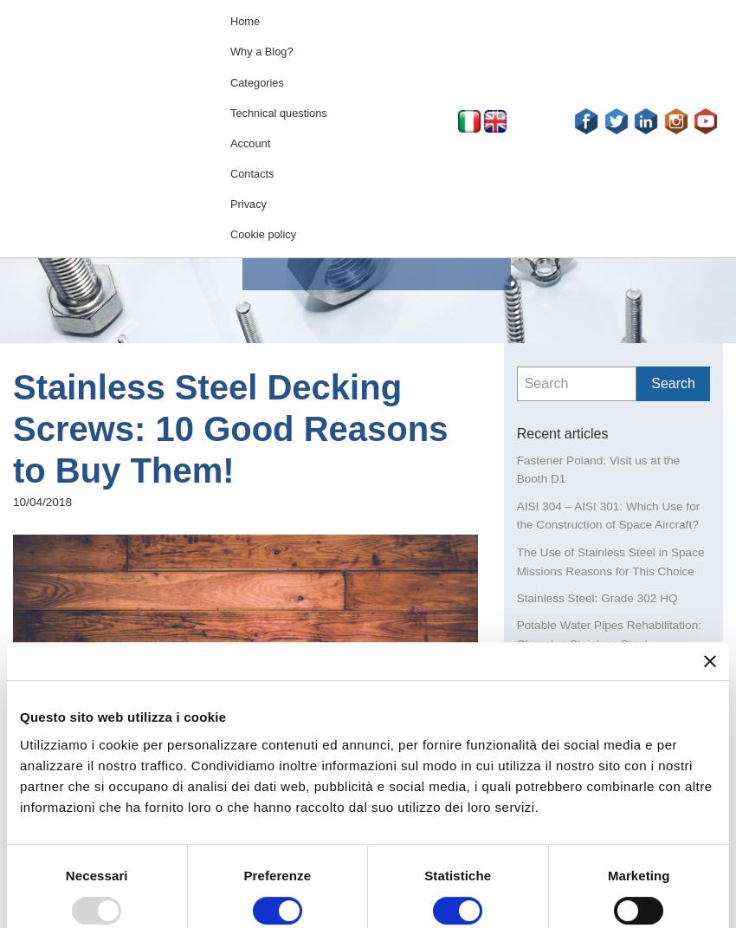 The height and width of the screenshot is (928, 736). What do you see at coordinates (221, 899) in the screenshot?
I see `'are the solution to your problems!'` at bounding box center [221, 899].